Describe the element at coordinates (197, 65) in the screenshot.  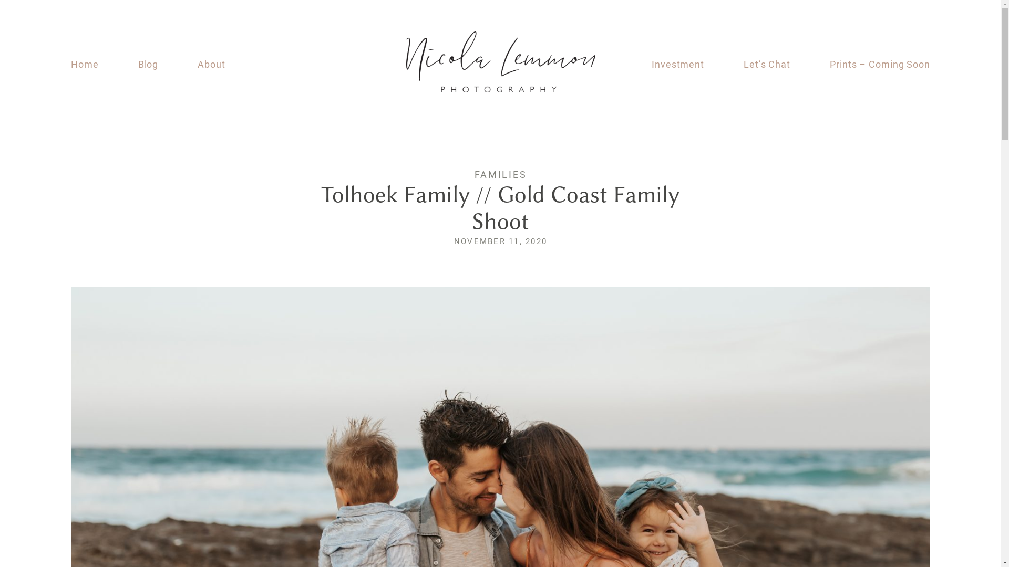
I see `'About'` at that location.